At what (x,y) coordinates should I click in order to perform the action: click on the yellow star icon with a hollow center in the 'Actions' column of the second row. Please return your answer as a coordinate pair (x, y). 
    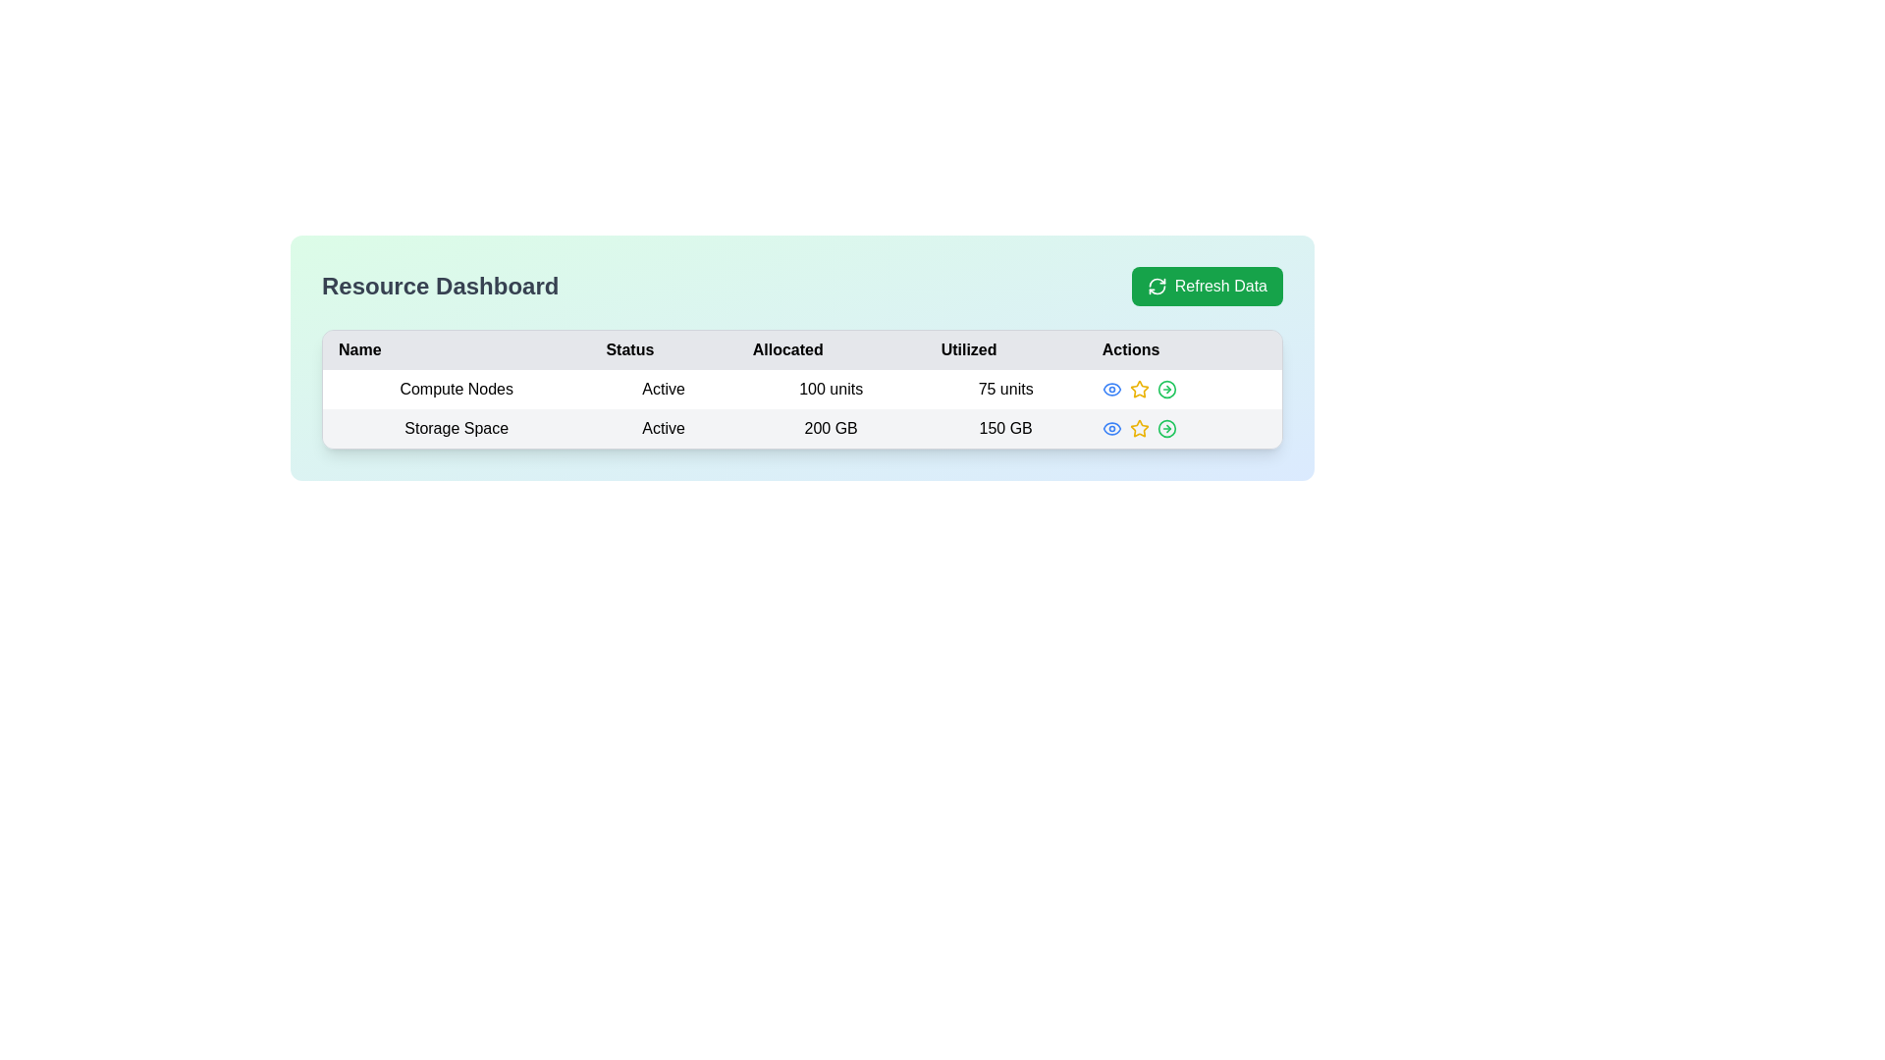
    Looking at the image, I should click on (1139, 389).